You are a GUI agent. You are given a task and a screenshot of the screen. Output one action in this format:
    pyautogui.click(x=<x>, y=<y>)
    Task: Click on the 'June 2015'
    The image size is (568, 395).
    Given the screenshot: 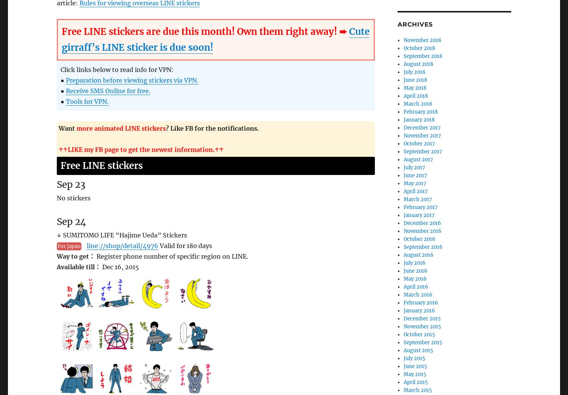 What is the action you would take?
    pyautogui.click(x=415, y=365)
    